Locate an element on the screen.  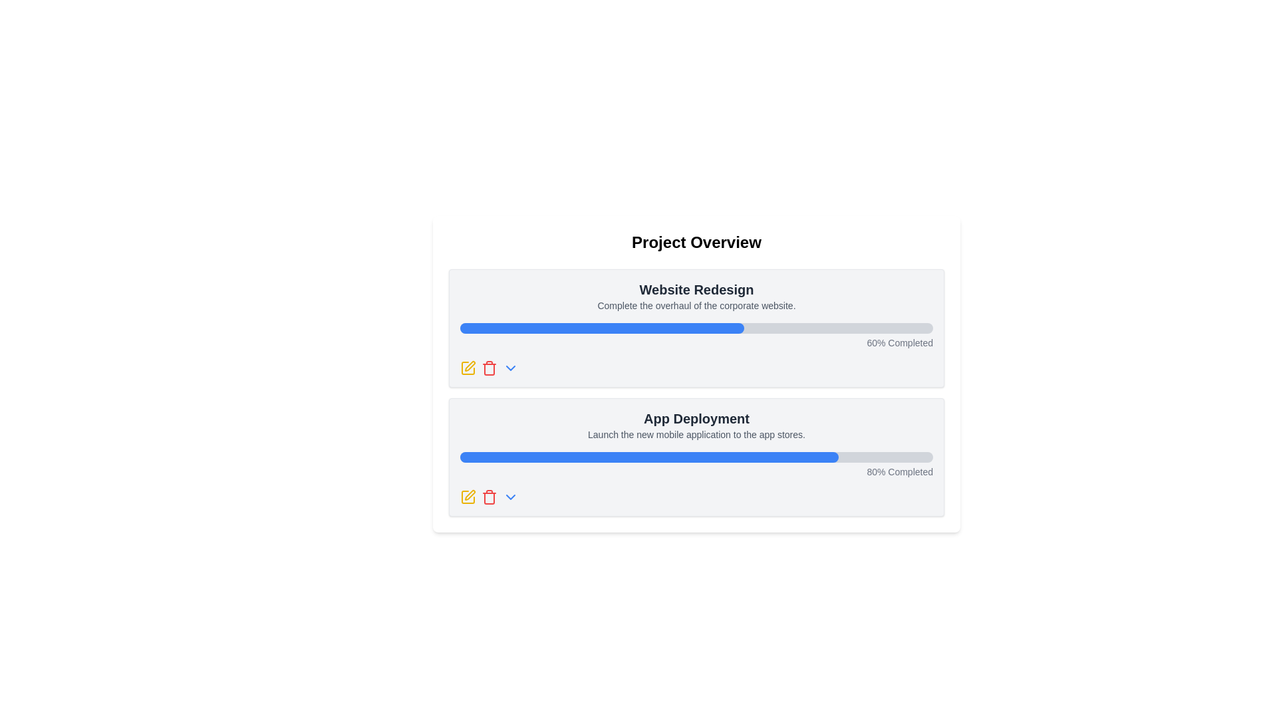
the yellow pen icon button located in the action panel for the 'Website Redesign' task section is located at coordinates (468, 368).